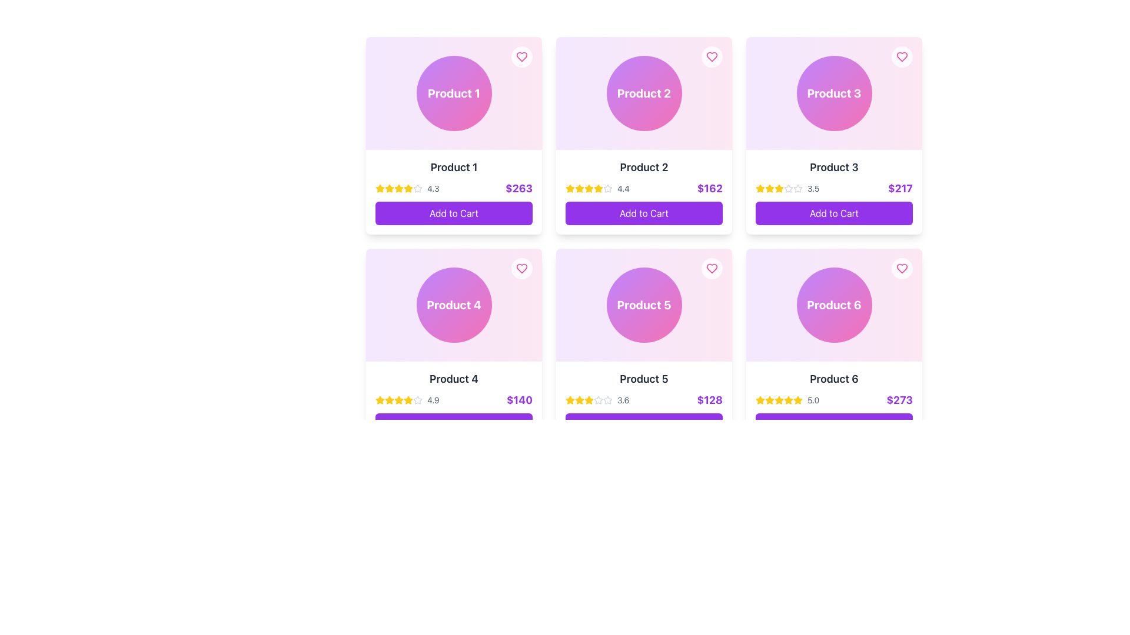 The width and height of the screenshot is (1130, 635). I want to click on value displayed on the price label located in the rightmost product card (Product 6) in the second row of the grid layout, so click(899, 400).